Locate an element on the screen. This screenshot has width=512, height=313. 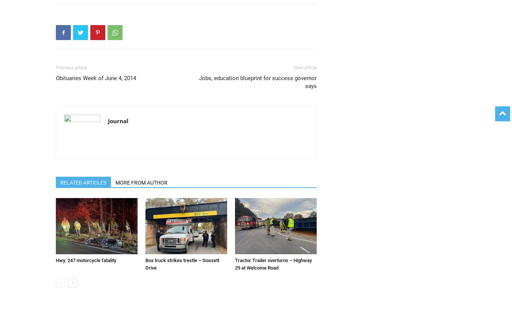
'Previous article' is located at coordinates (71, 67).